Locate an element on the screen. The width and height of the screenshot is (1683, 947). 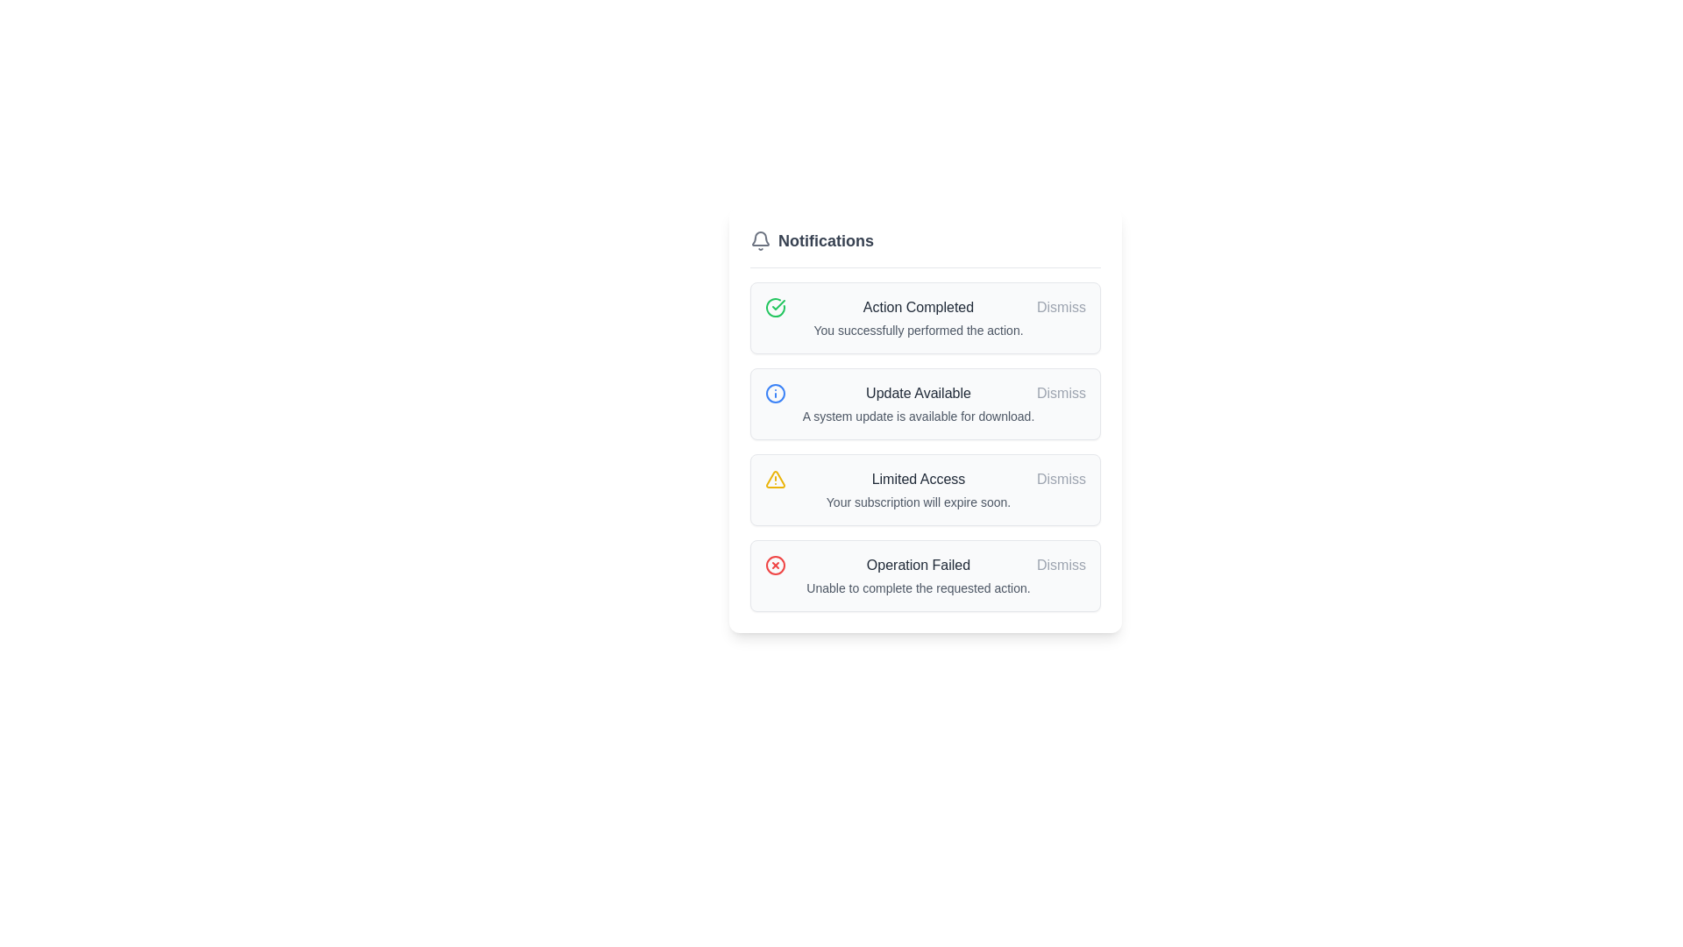
the error icon that indicates an 'Operation Failed' notification, located in the notification box on the bottom row, aligned to the left of the notification text is located at coordinates (774, 565).